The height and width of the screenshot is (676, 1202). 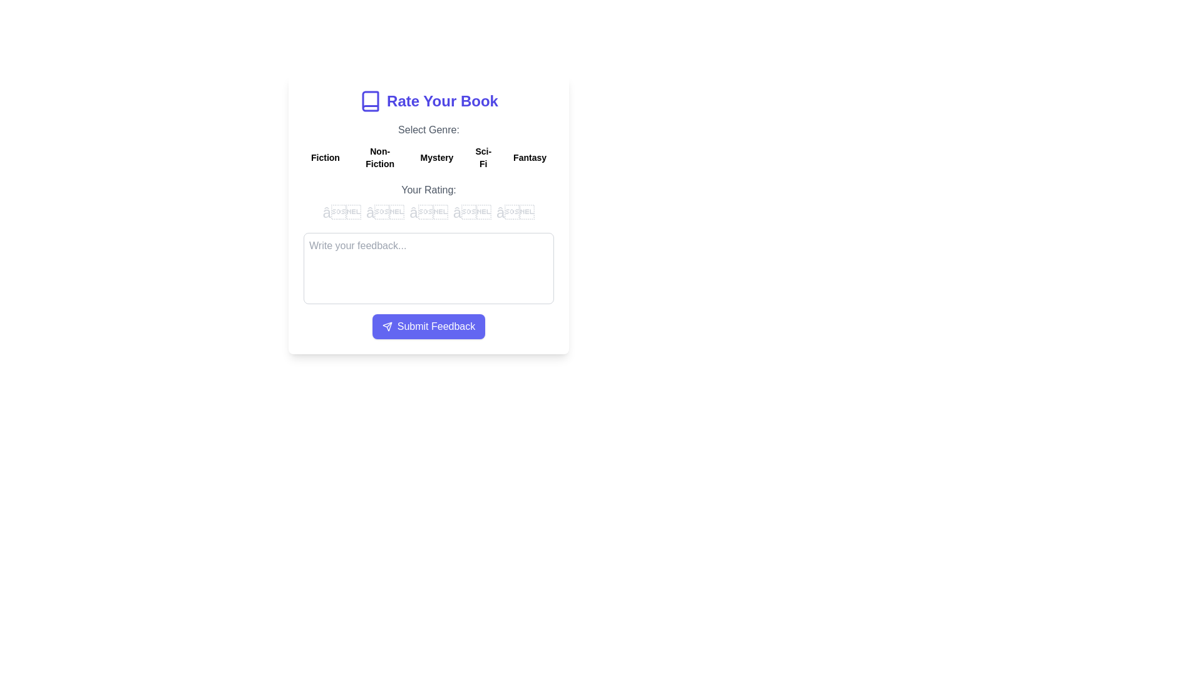 What do you see at coordinates (429, 212) in the screenshot?
I see `the third star icon in the rating sequence` at bounding box center [429, 212].